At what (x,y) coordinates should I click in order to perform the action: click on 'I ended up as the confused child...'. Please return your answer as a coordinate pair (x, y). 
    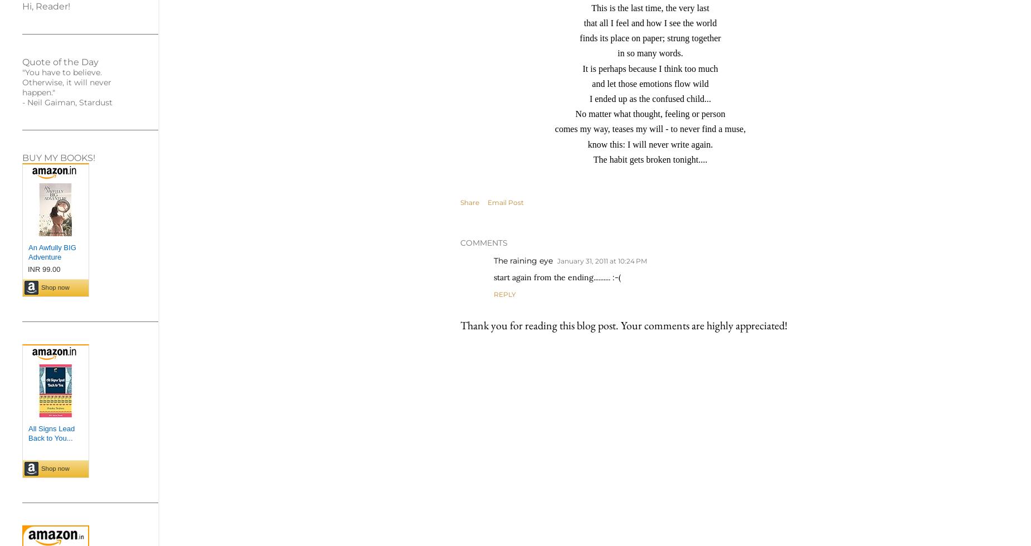
    Looking at the image, I should click on (649, 98).